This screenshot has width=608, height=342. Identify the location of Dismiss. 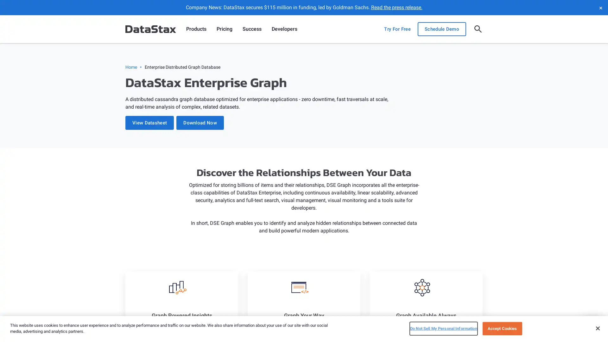
(600, 7).